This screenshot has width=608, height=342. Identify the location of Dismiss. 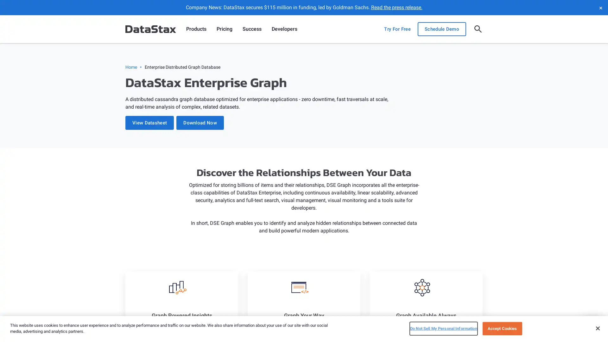
(600, 7).